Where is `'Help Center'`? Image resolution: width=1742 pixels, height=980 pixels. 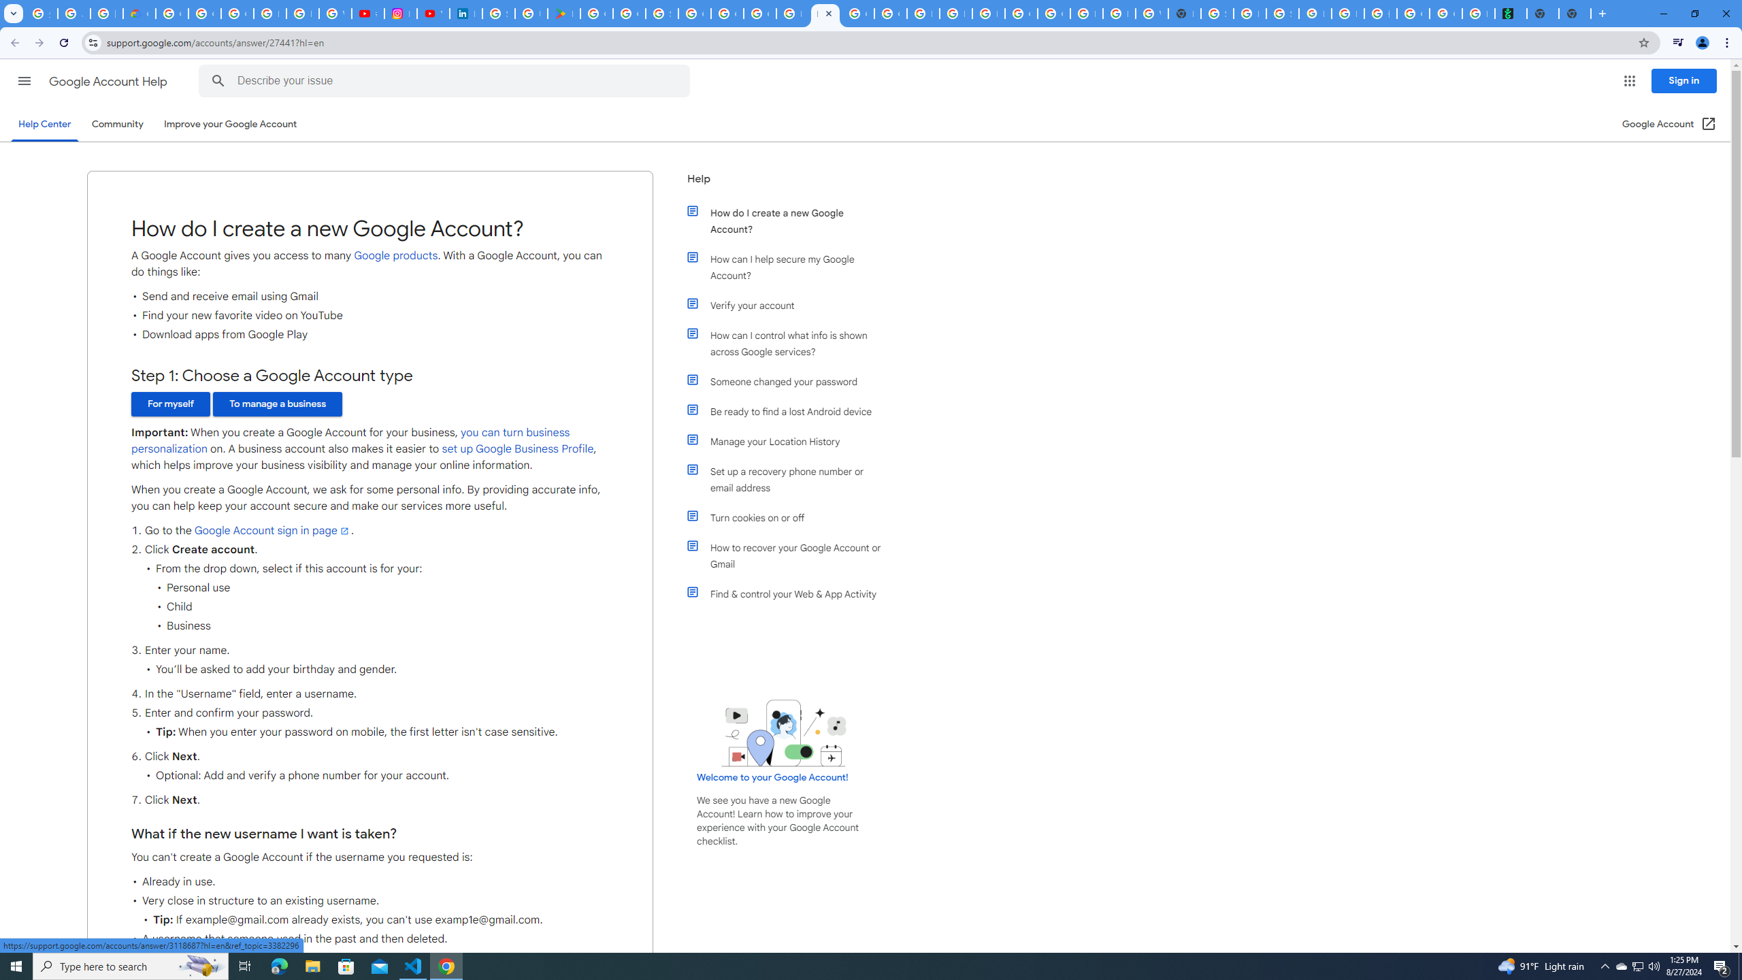
'Help Center' is located at coordinates (44, 123).